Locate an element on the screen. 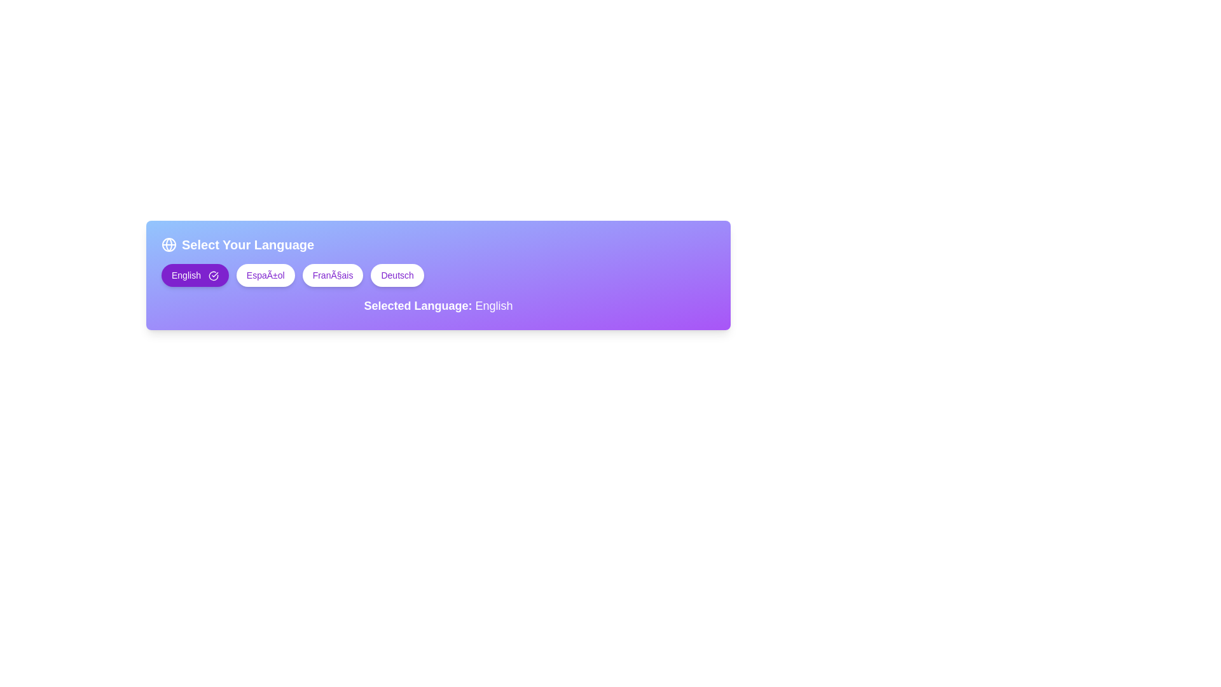  the central grouping of interactive buttons for language selection is located at coordinates (438, 274).